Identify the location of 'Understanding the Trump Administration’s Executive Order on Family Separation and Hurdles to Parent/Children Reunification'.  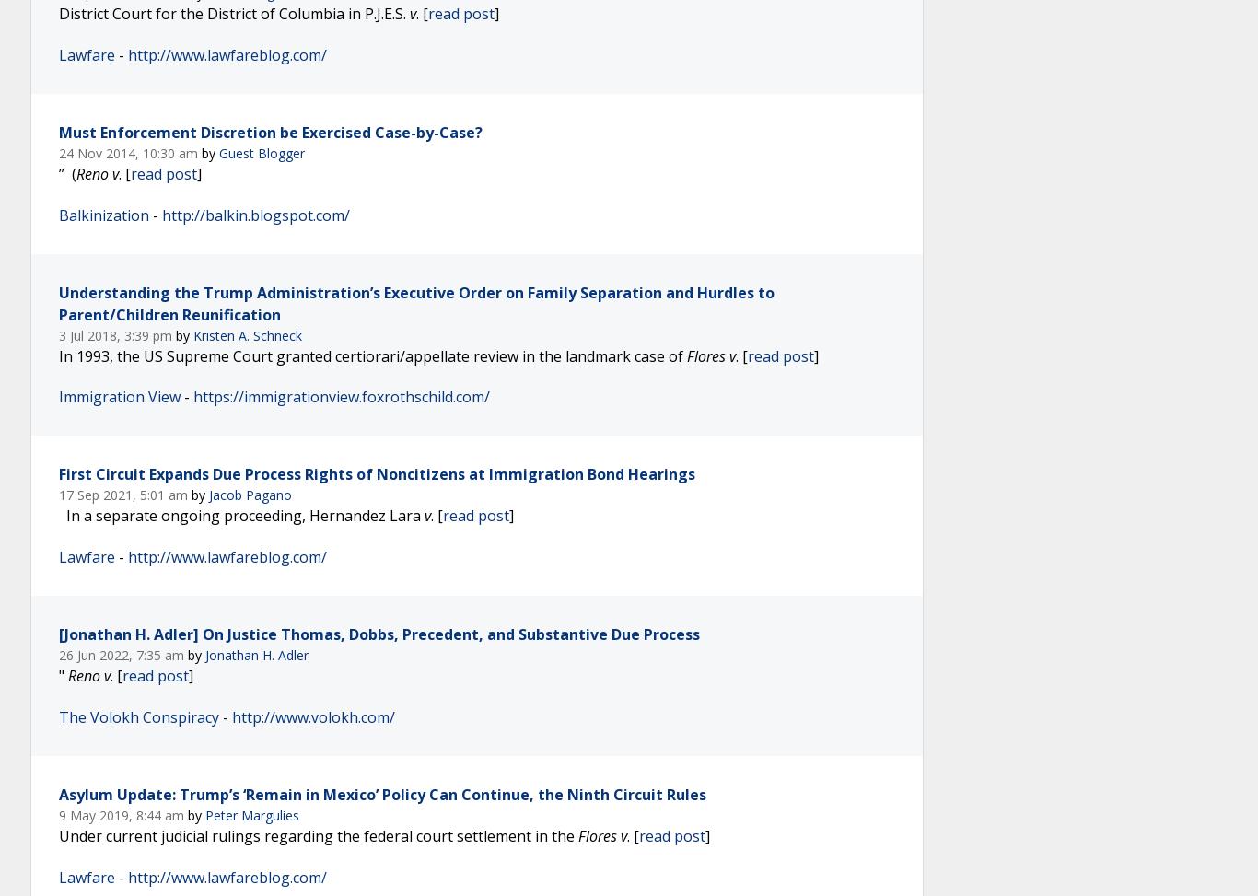
(415, 302).